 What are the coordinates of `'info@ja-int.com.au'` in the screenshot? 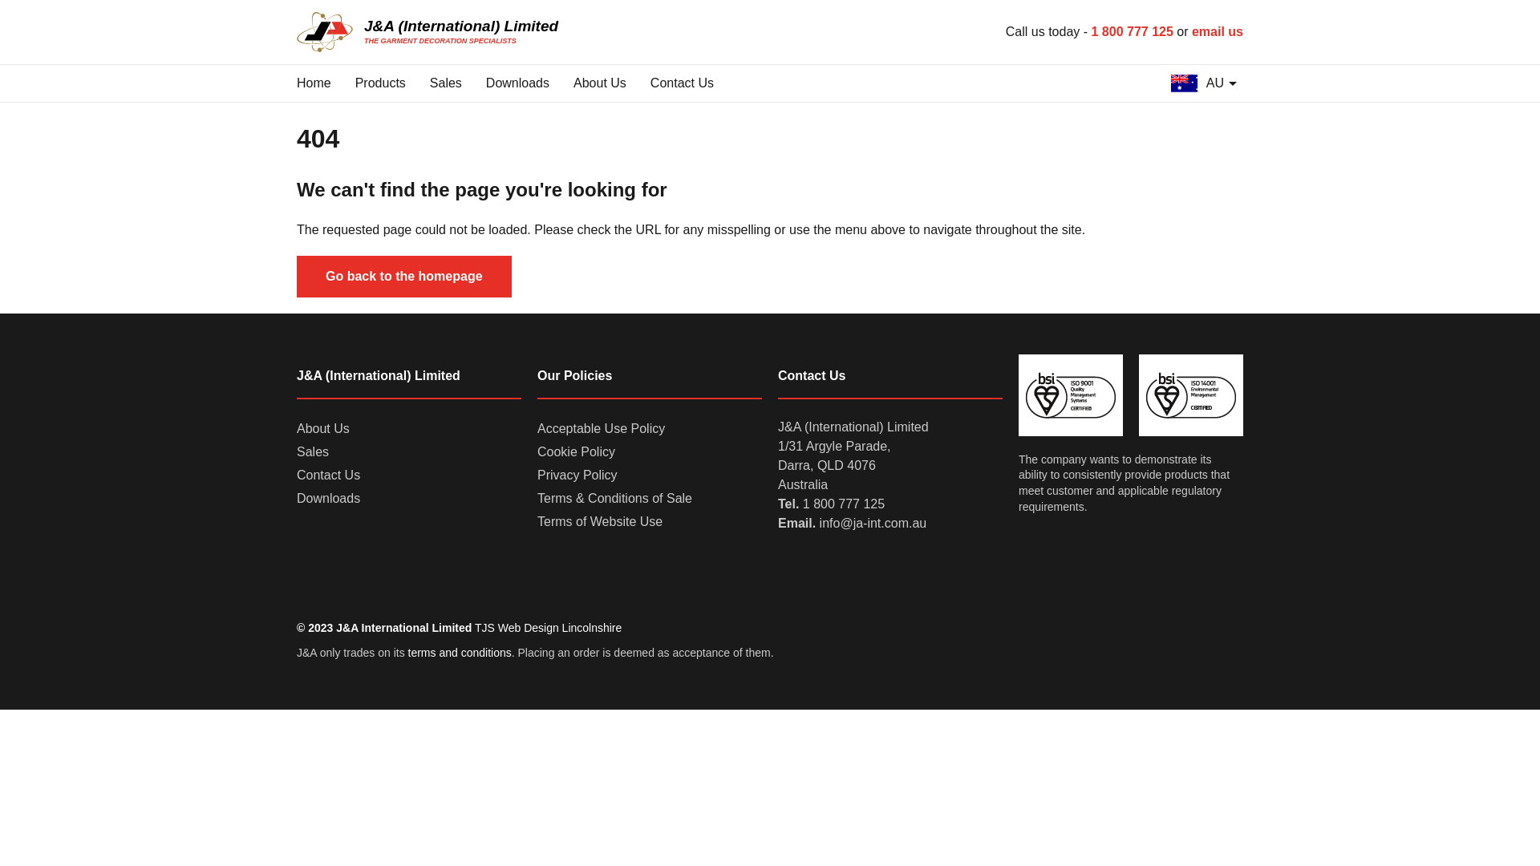 It's located at (873, 523).